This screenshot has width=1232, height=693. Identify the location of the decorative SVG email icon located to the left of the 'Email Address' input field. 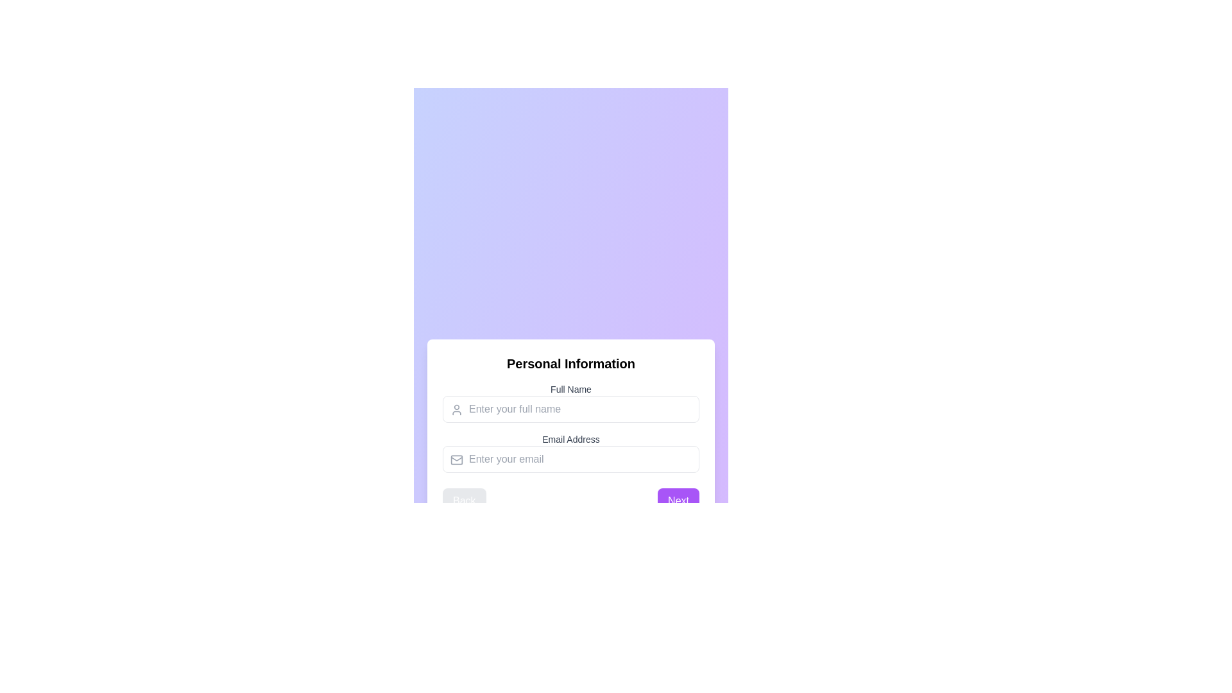
(456, 458).